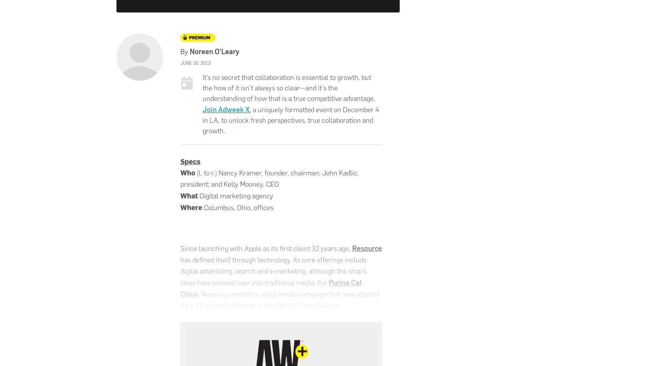 The image size is (665, 366). I want to click on 'Resource', so click(366, 248).